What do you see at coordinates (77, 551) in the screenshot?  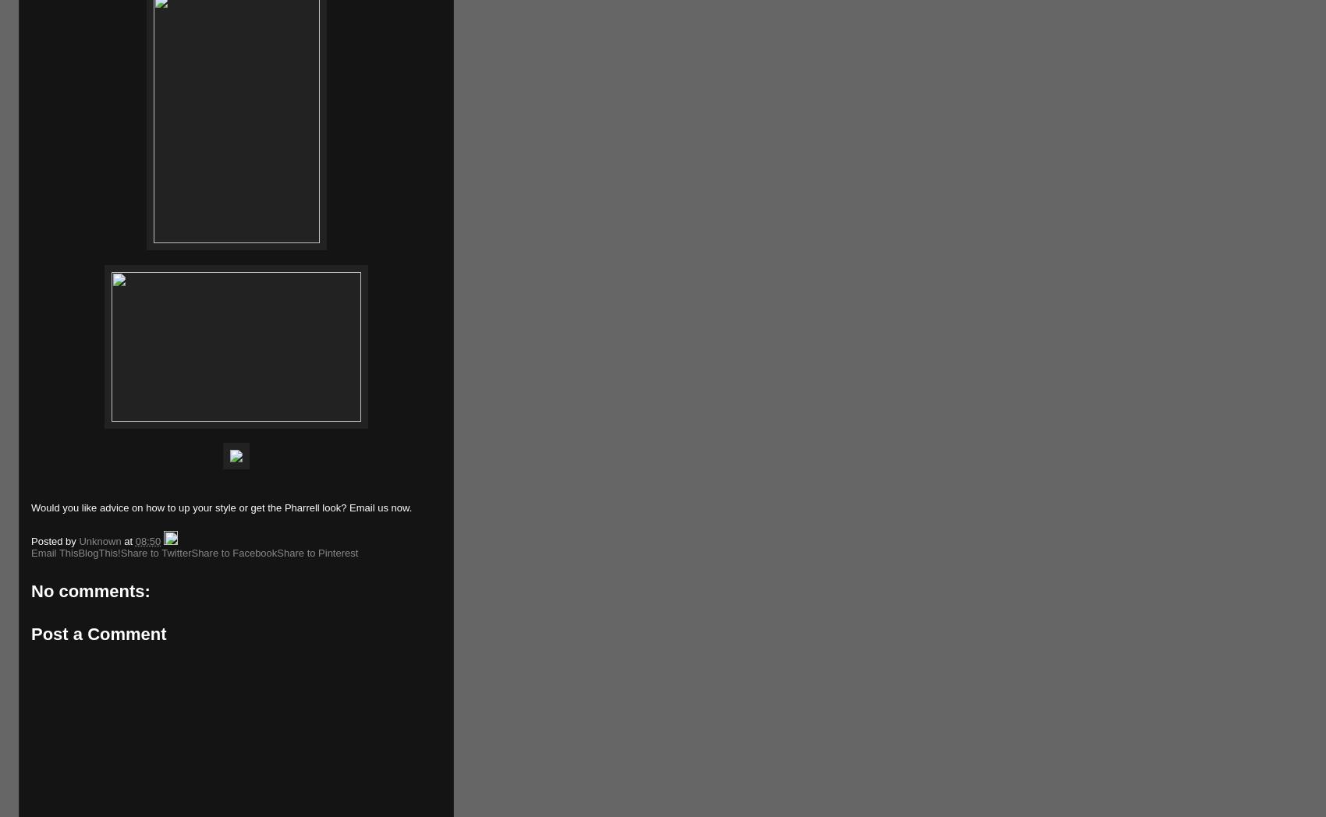 I see `'BlogThis!'` at bounding box center [77, 551].